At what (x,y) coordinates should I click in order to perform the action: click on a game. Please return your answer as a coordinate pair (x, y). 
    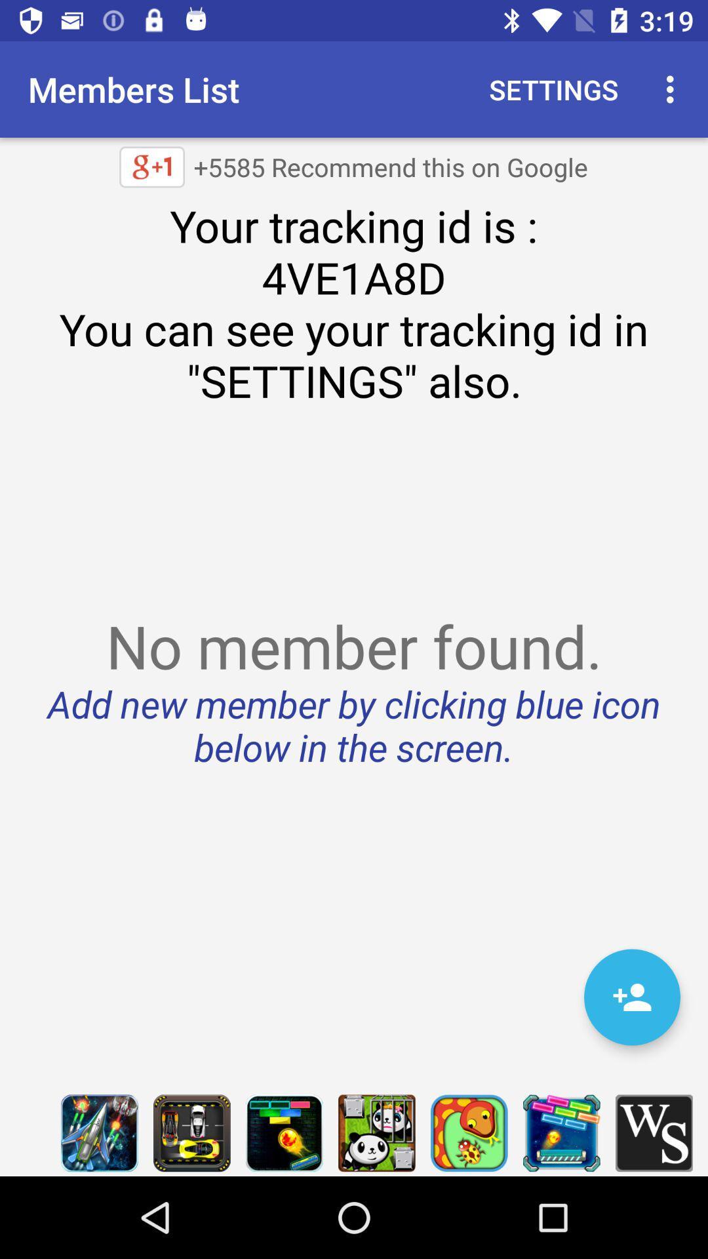
    Looking at the image, I should click on (376, 1132).